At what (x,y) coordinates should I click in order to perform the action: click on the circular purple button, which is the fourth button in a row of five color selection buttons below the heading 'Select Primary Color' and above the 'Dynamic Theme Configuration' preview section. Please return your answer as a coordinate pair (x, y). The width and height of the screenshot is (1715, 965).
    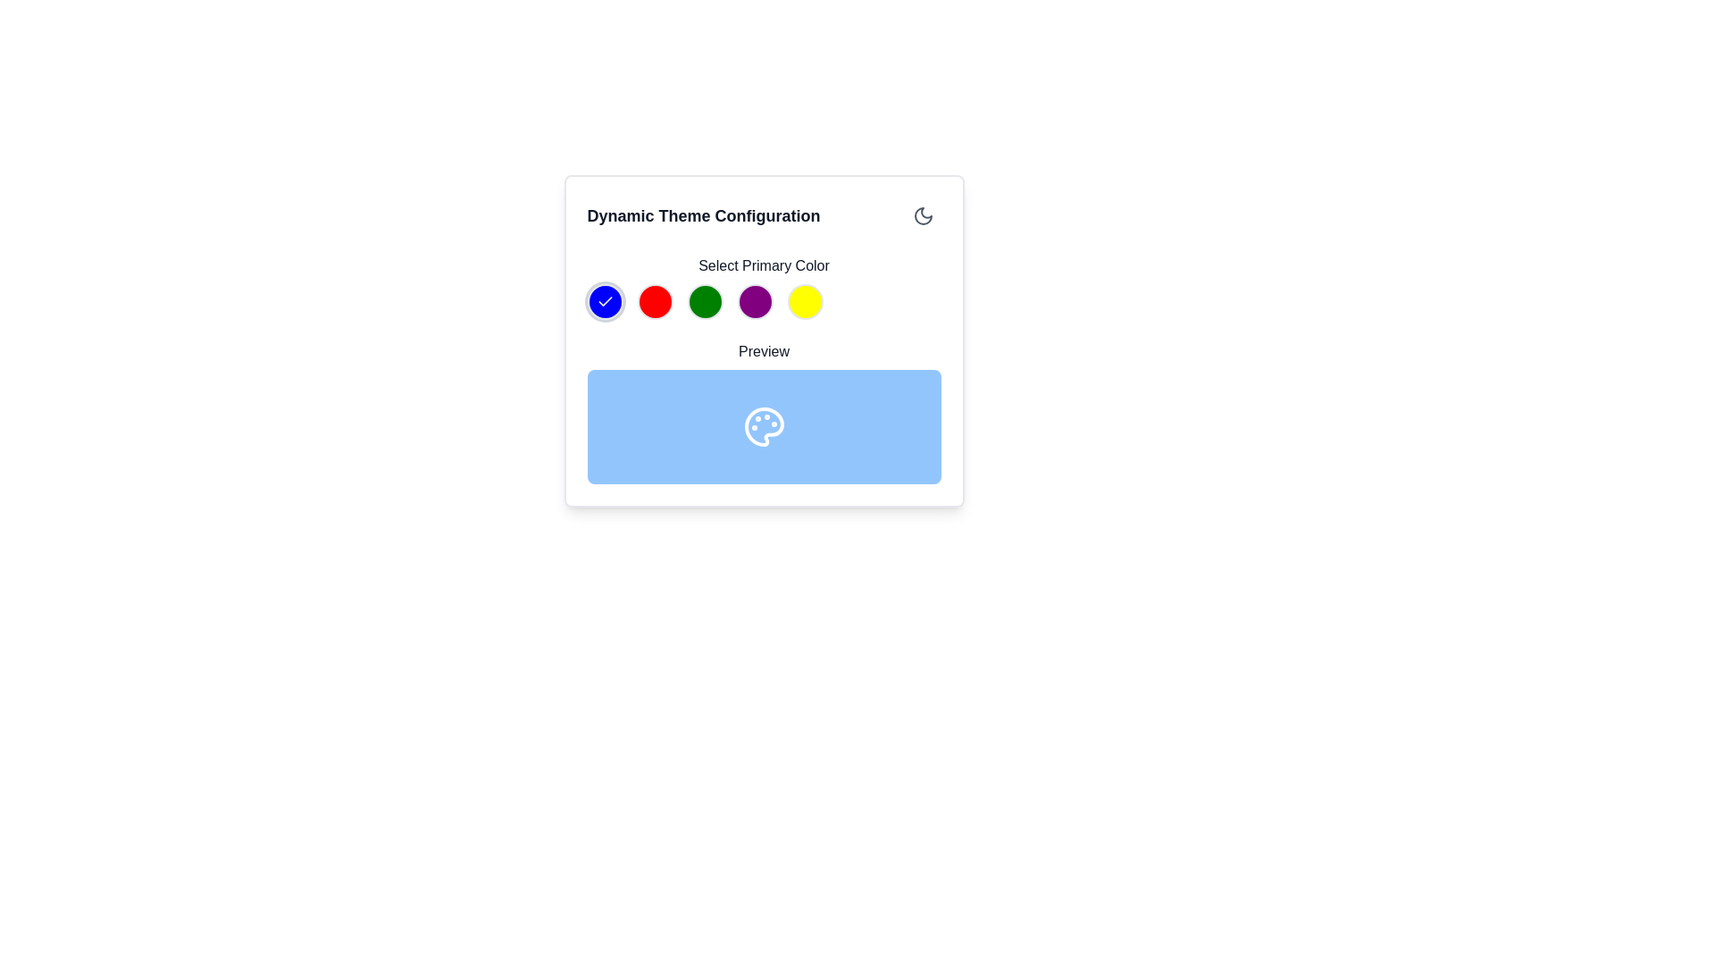
    Looking at the image, I should click on (764, 286).